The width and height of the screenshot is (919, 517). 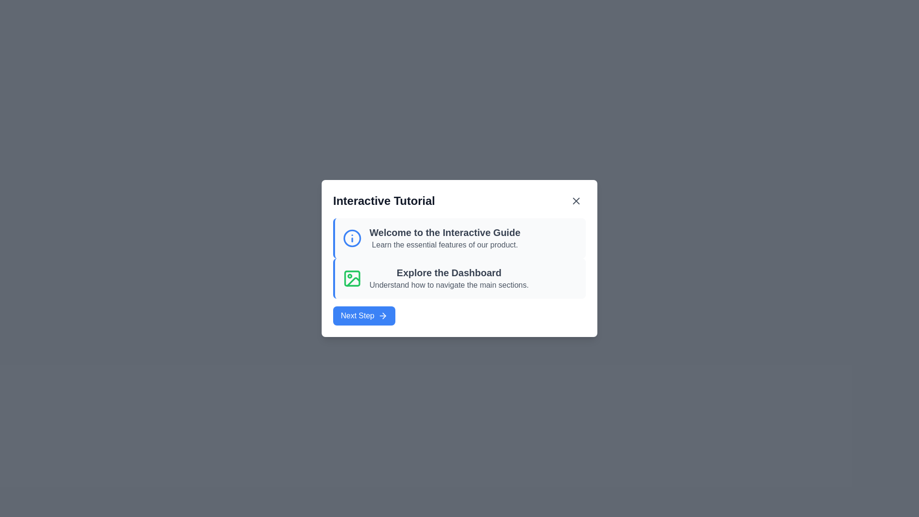 I want to click on the circular information icon with a blue outline and white background, located to the left of the 'Welcome to the Interactive Guide' section title, so click(x=351, y=237).